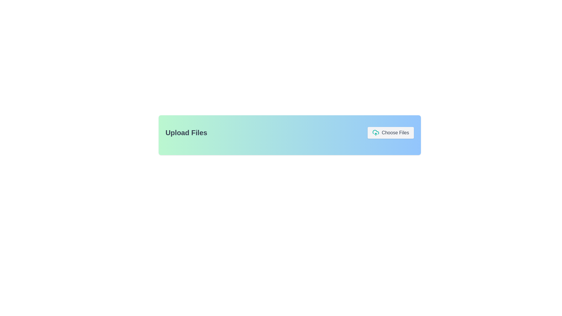 The height and width of the screenshot is (316, 562). Describe the element at coordinates (186, 133) in the screenshot. I see `the text element that serves as a heading for the upload functionality, located on the left side of the interface, preceding the 'Choose Files' button` at that location.